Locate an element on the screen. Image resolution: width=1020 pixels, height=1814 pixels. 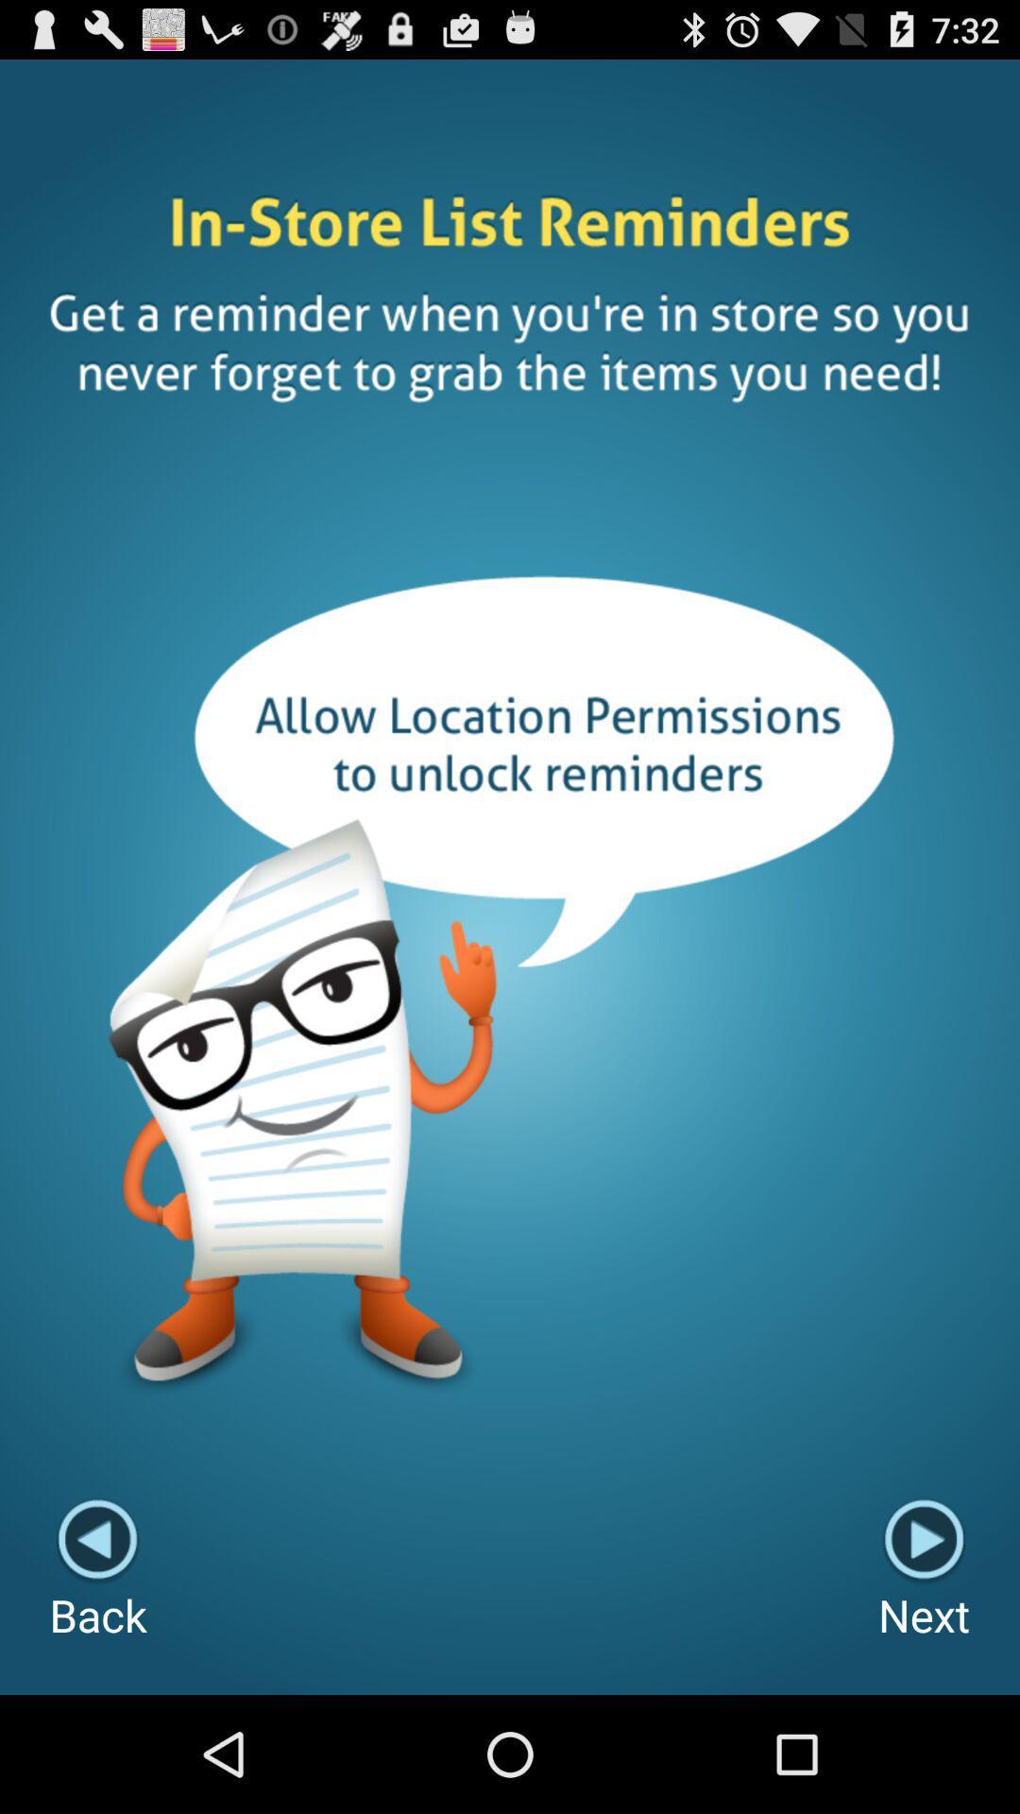
item at the bottom left corner is located at coordinates (98, 1571).